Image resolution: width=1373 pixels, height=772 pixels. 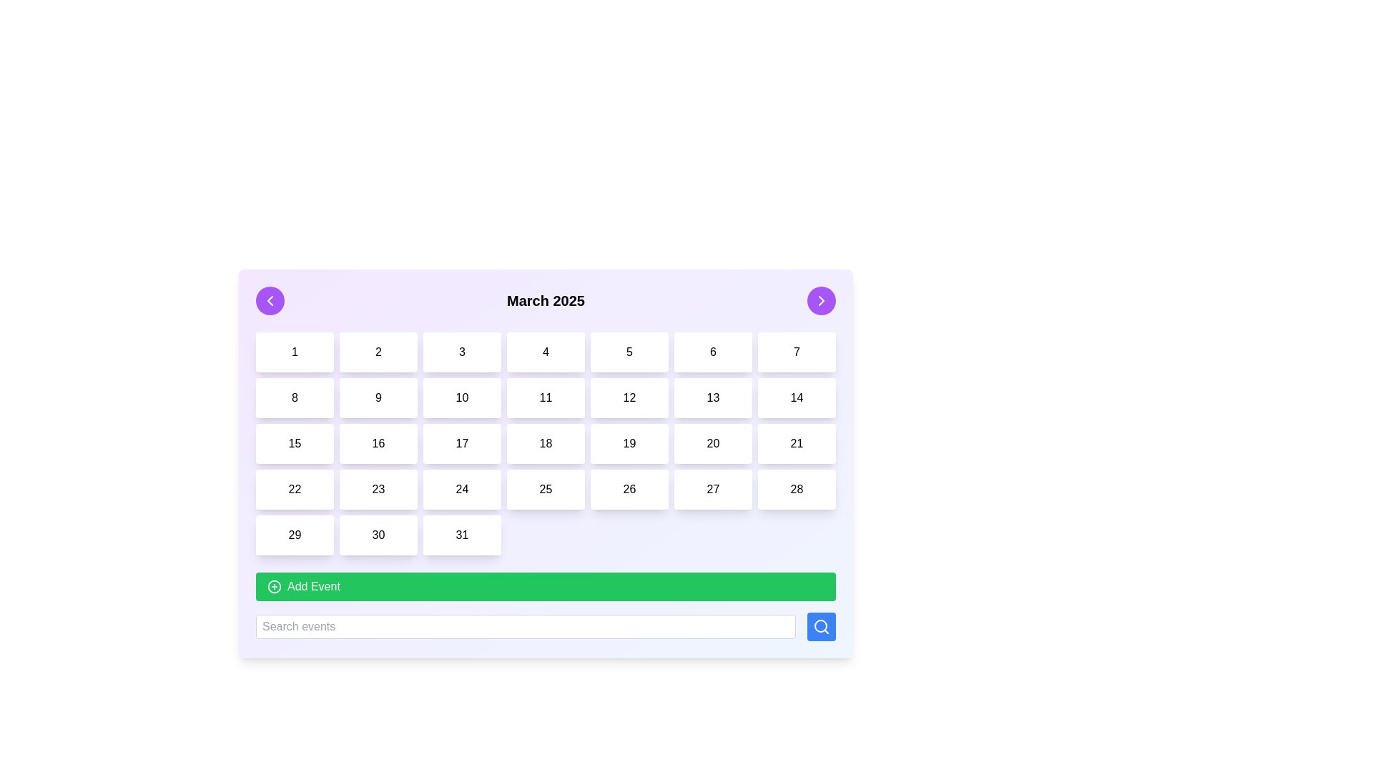 I want to click on the calendar day tile representing the 22nd day, so click(x=294, y=489).